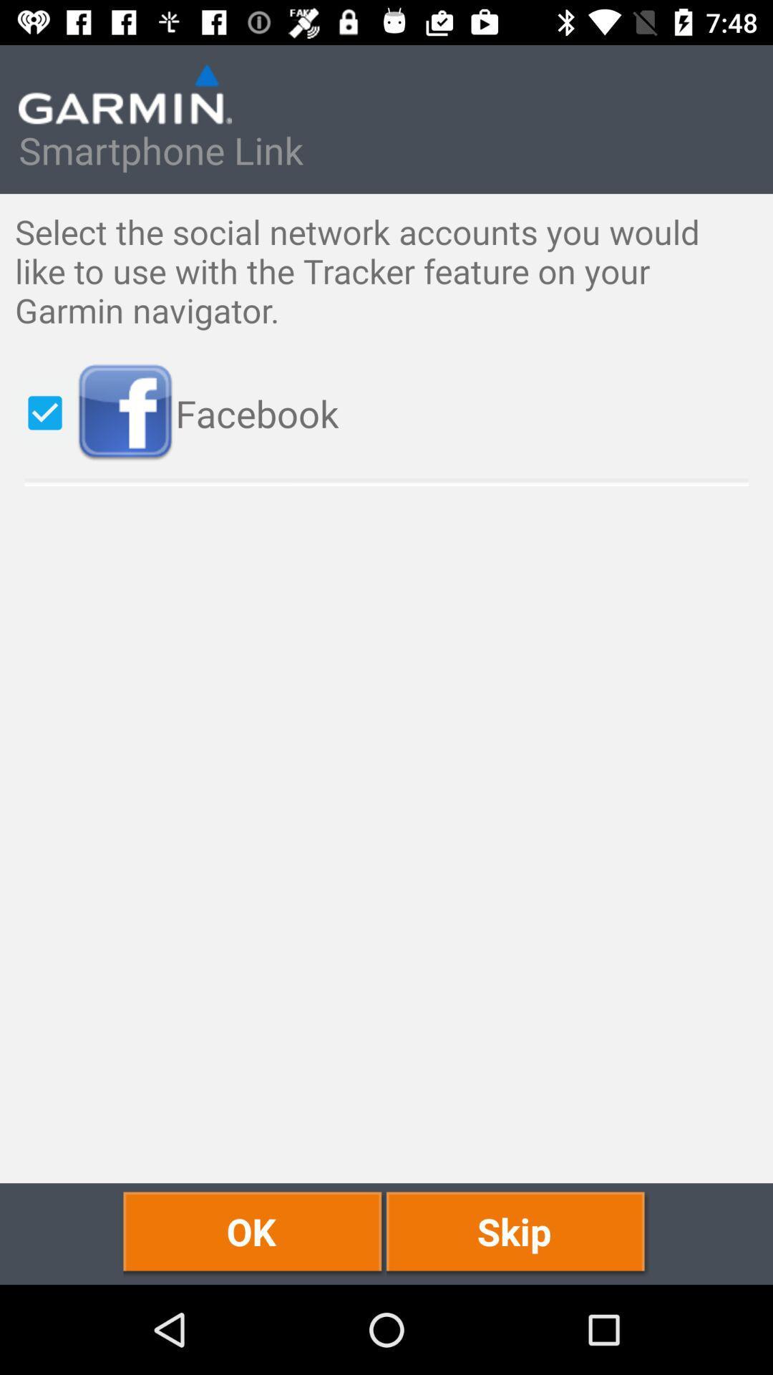 The image size is (773, 1375). I want to click on skip at the bottom right corner, so click(517, 1233).